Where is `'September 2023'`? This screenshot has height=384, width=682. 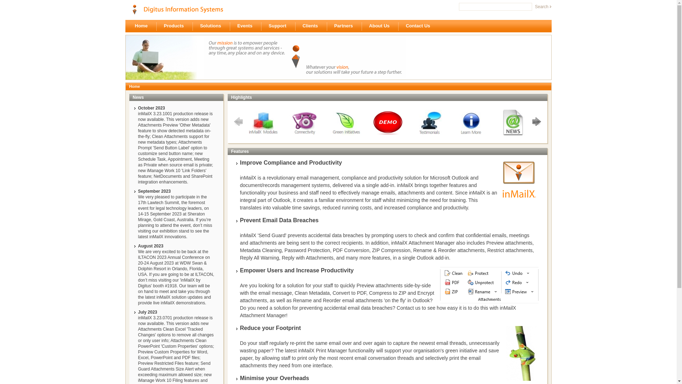 'September 2023' is located at coordinates (153, 191).